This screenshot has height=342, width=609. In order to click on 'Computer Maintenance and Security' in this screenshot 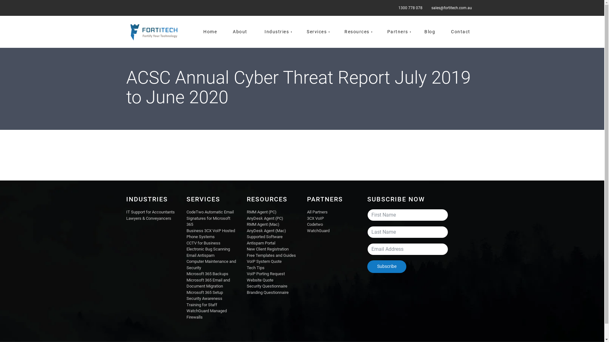, I will do `click(211, 264)`.